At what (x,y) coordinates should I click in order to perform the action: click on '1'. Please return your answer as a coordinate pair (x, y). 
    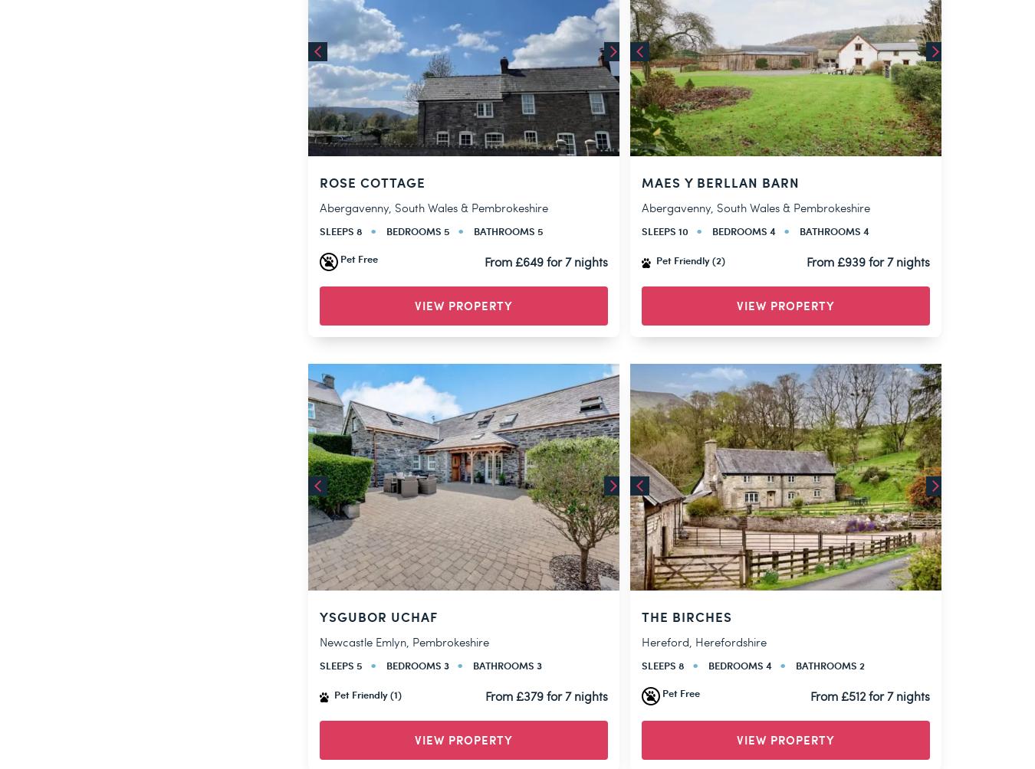
    Looking at the image, I should click on (525, 386).